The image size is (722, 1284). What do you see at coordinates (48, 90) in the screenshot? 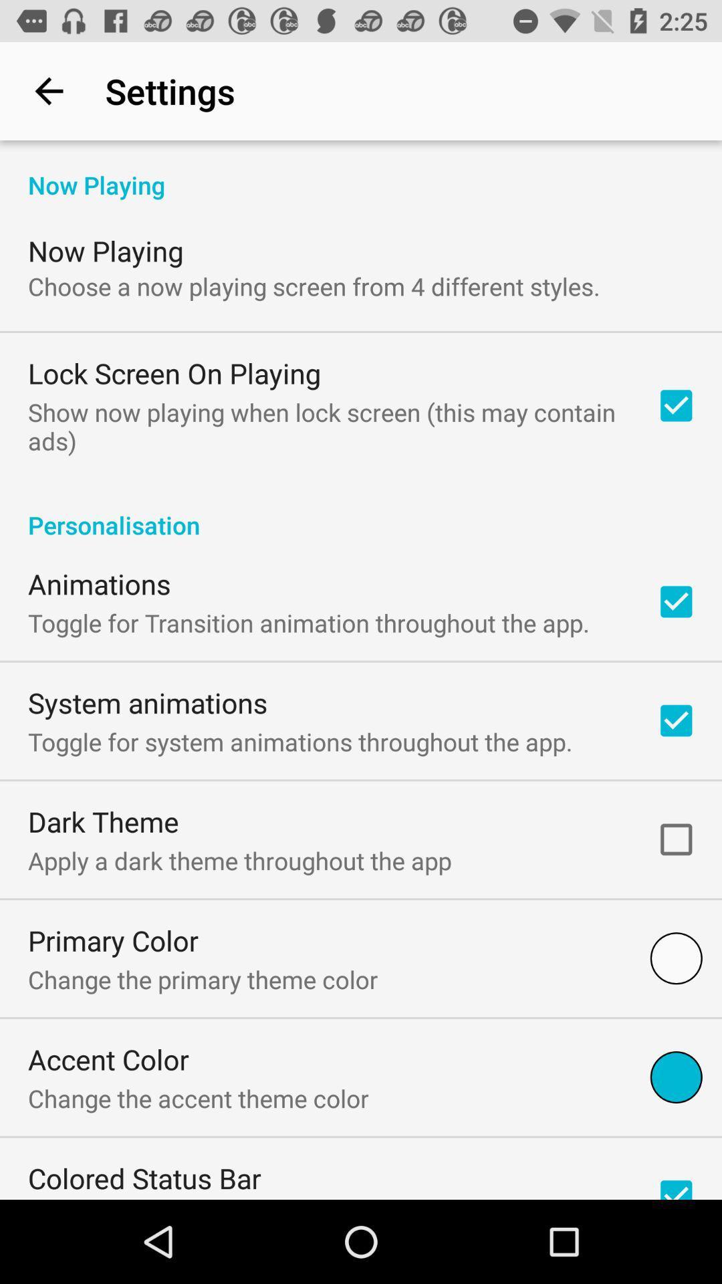
I see `icon above now playing item` at bounding box center [48, 90].